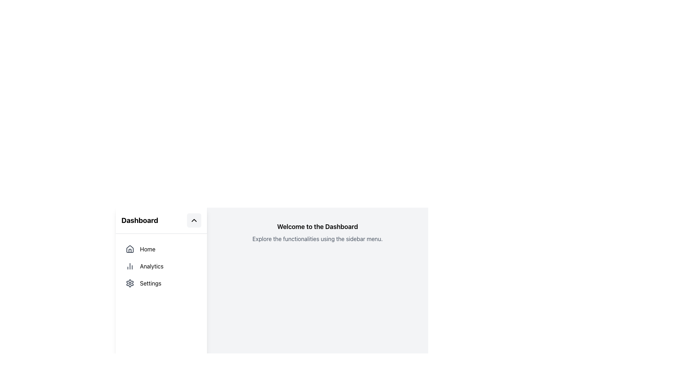  Describe the element at coordinates (161, 249) in the screenshot. I see `the 'Home' menu item in the left sidebar` at that location.